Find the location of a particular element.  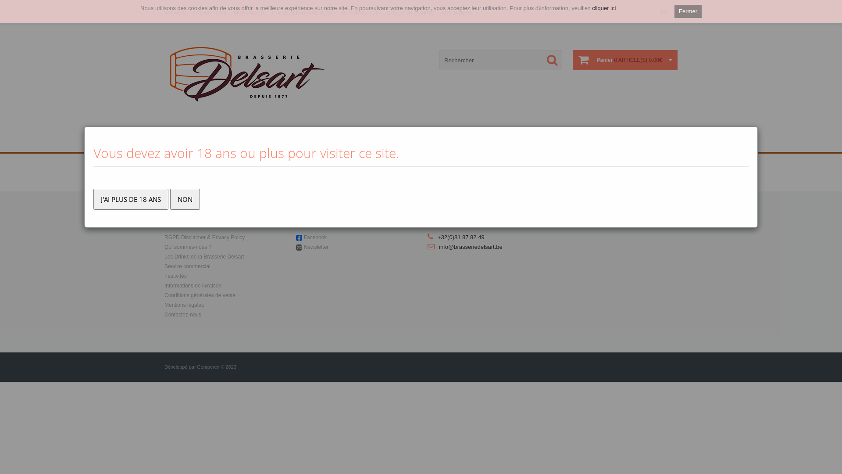

'Fermer' is located at coordinates (674, 11).